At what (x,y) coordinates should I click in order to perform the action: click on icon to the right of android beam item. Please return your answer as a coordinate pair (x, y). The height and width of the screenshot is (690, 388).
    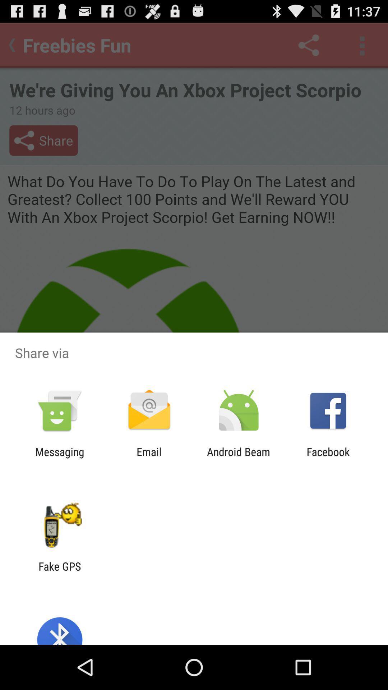
    Looking at the image, I should click on (328, 458).